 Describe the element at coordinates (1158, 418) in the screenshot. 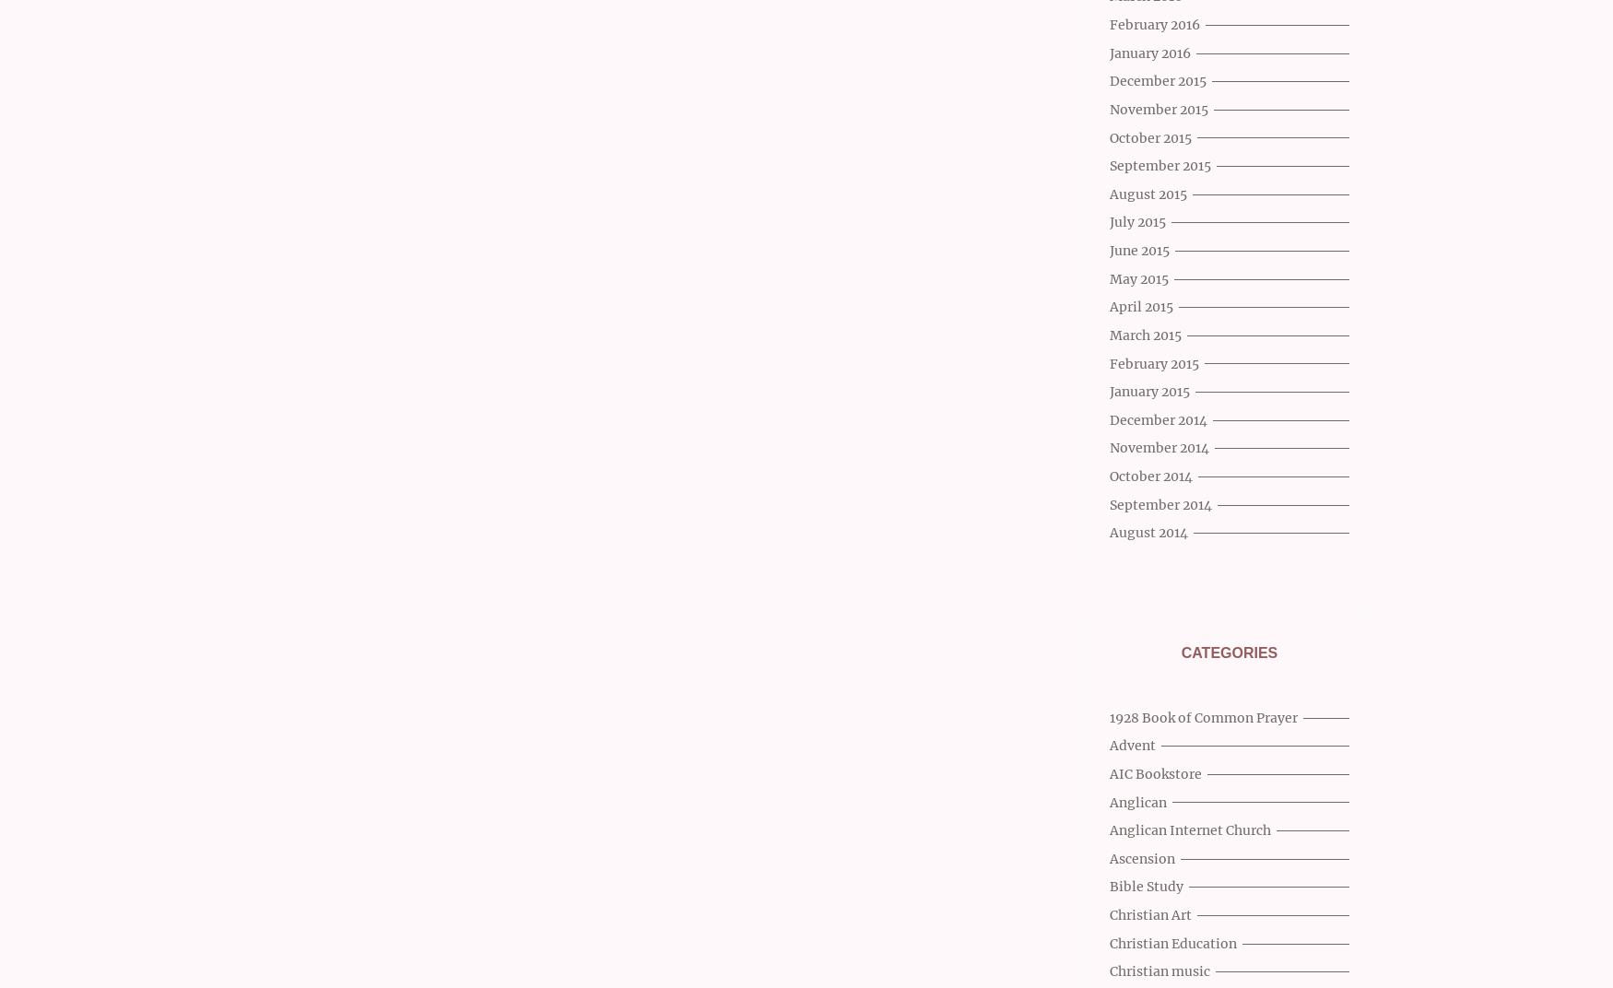

I see `'December 2014'` at that location.